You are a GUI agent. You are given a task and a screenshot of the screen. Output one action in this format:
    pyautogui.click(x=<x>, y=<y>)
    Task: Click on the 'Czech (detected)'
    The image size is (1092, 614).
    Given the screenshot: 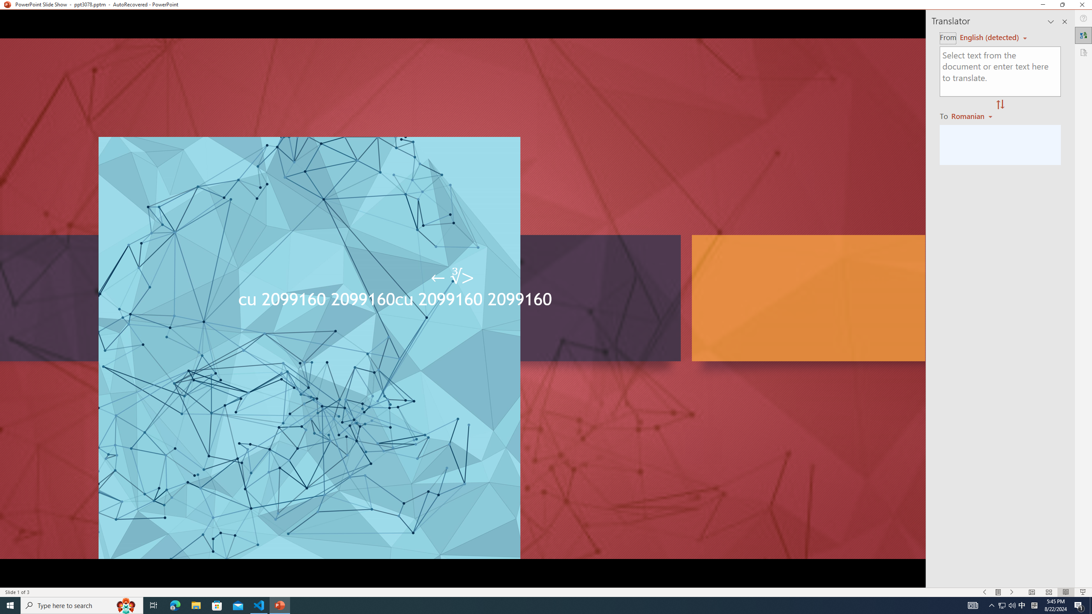 What is the action you would take?
    pyautogui.click(x=989, y=38)
    